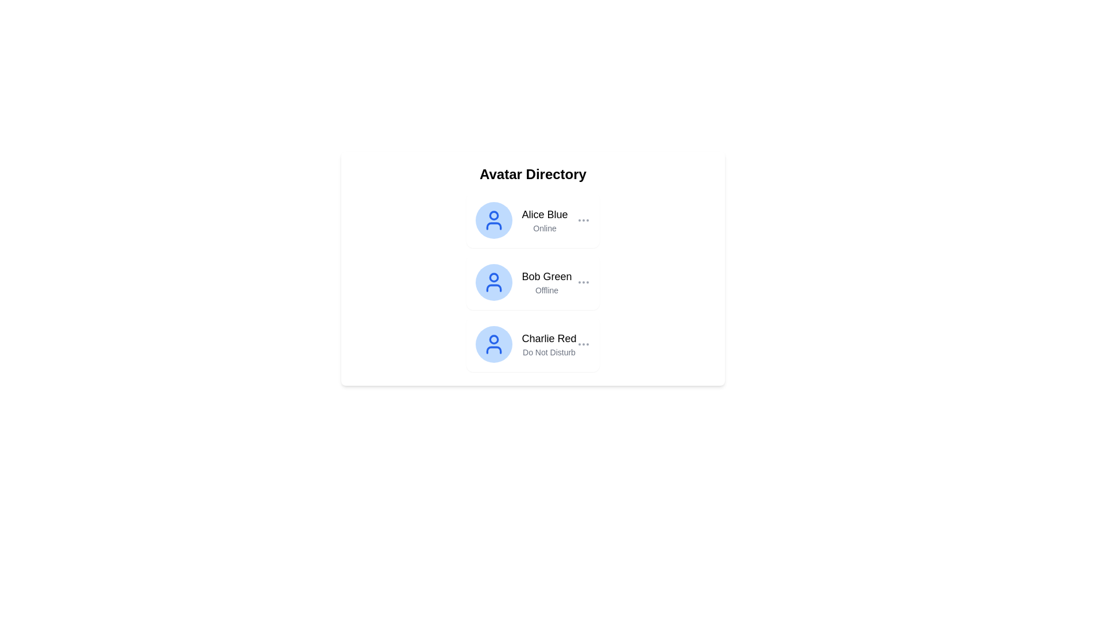 The image size is (1103, 620). I want to click on the second user card in the vertically arranged list of user info cards located in the 'Avatar Directory' card, so click(532, 282).